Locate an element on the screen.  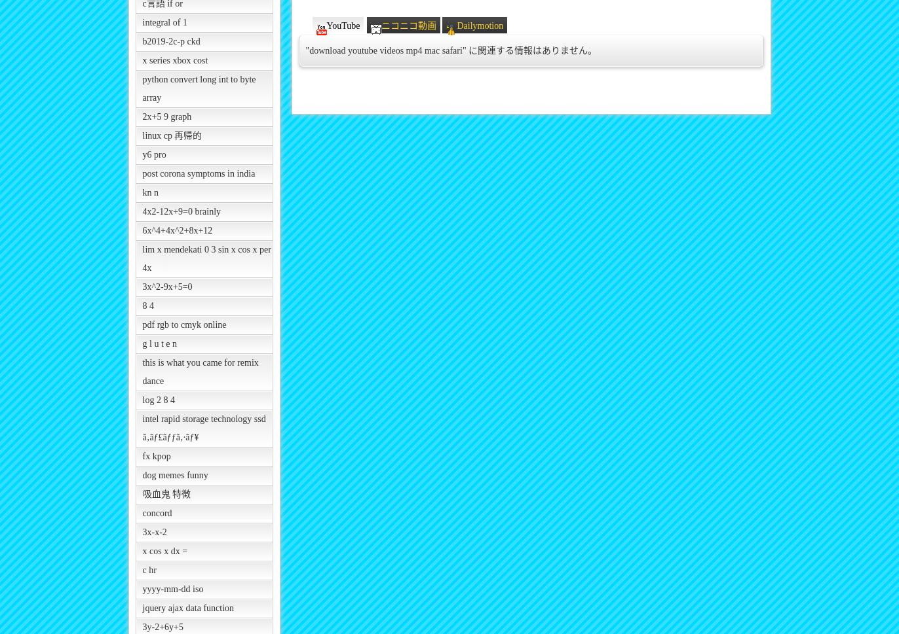
'dog memes funny' is located at coordinates (142, 475).